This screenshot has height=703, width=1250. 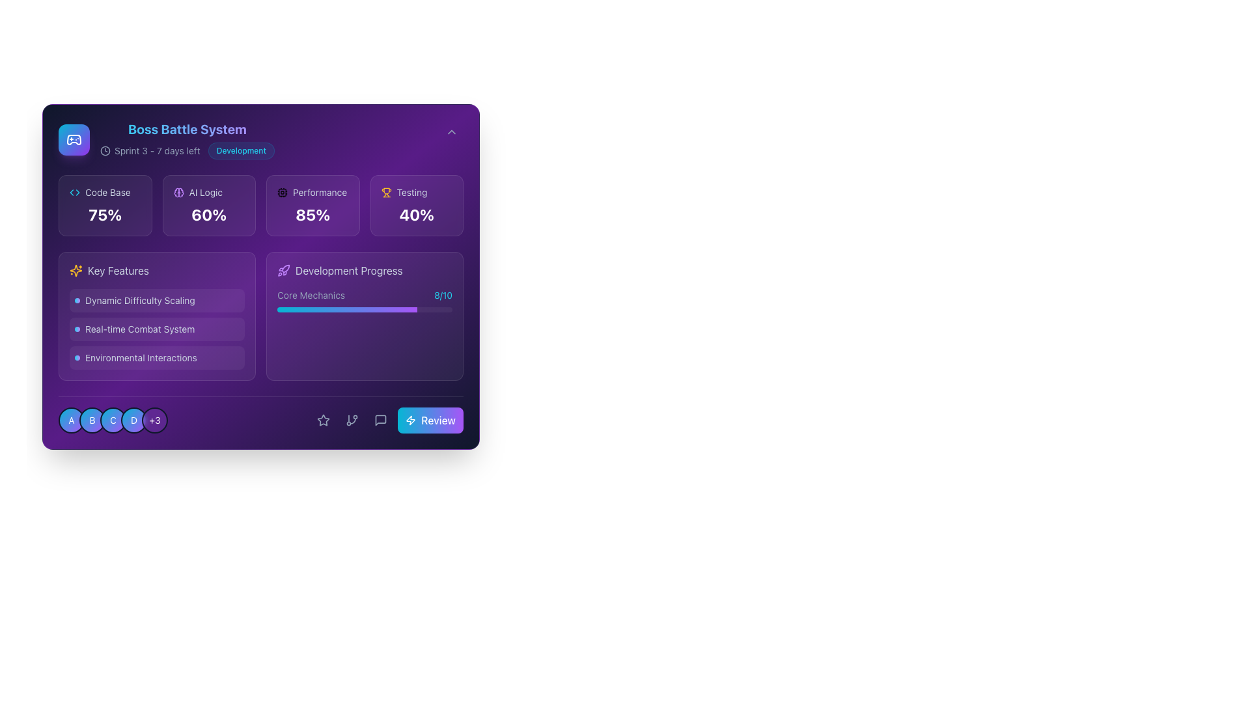 I want to click on the text label displaying 'Key Features' styled in light slate blue, located at the top-left corner of the 'Key Features' section, next to a sparkles icon, so click(x=118, y=270).